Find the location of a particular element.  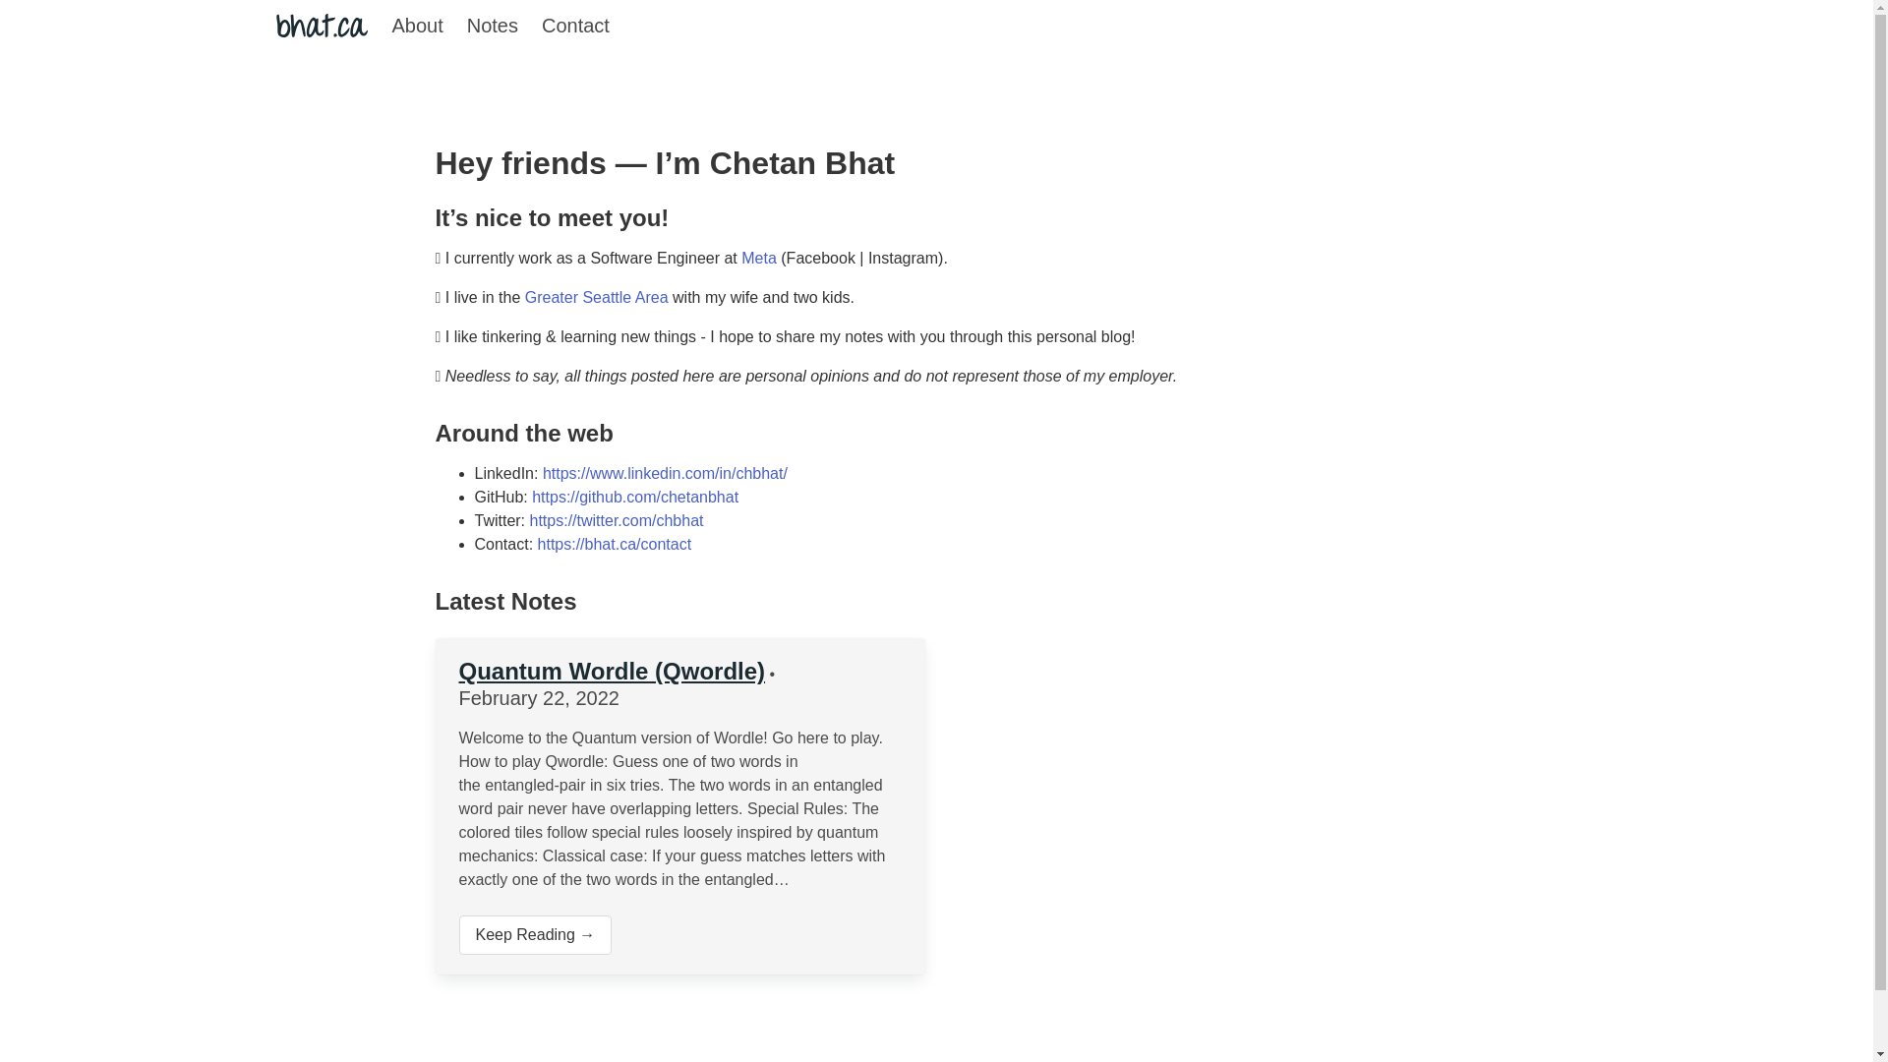

'Chetan Bhat - Home' is located at coordinates (321, 26).